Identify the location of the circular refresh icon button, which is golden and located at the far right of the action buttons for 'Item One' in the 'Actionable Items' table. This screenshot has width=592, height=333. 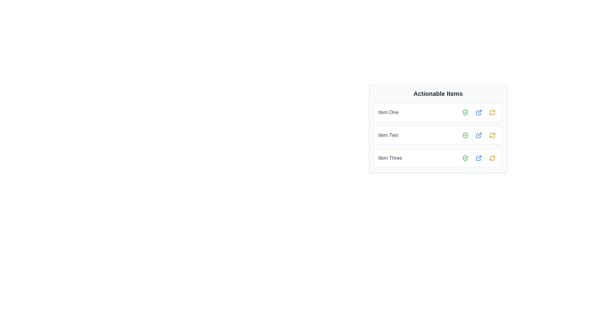
(492, 113).